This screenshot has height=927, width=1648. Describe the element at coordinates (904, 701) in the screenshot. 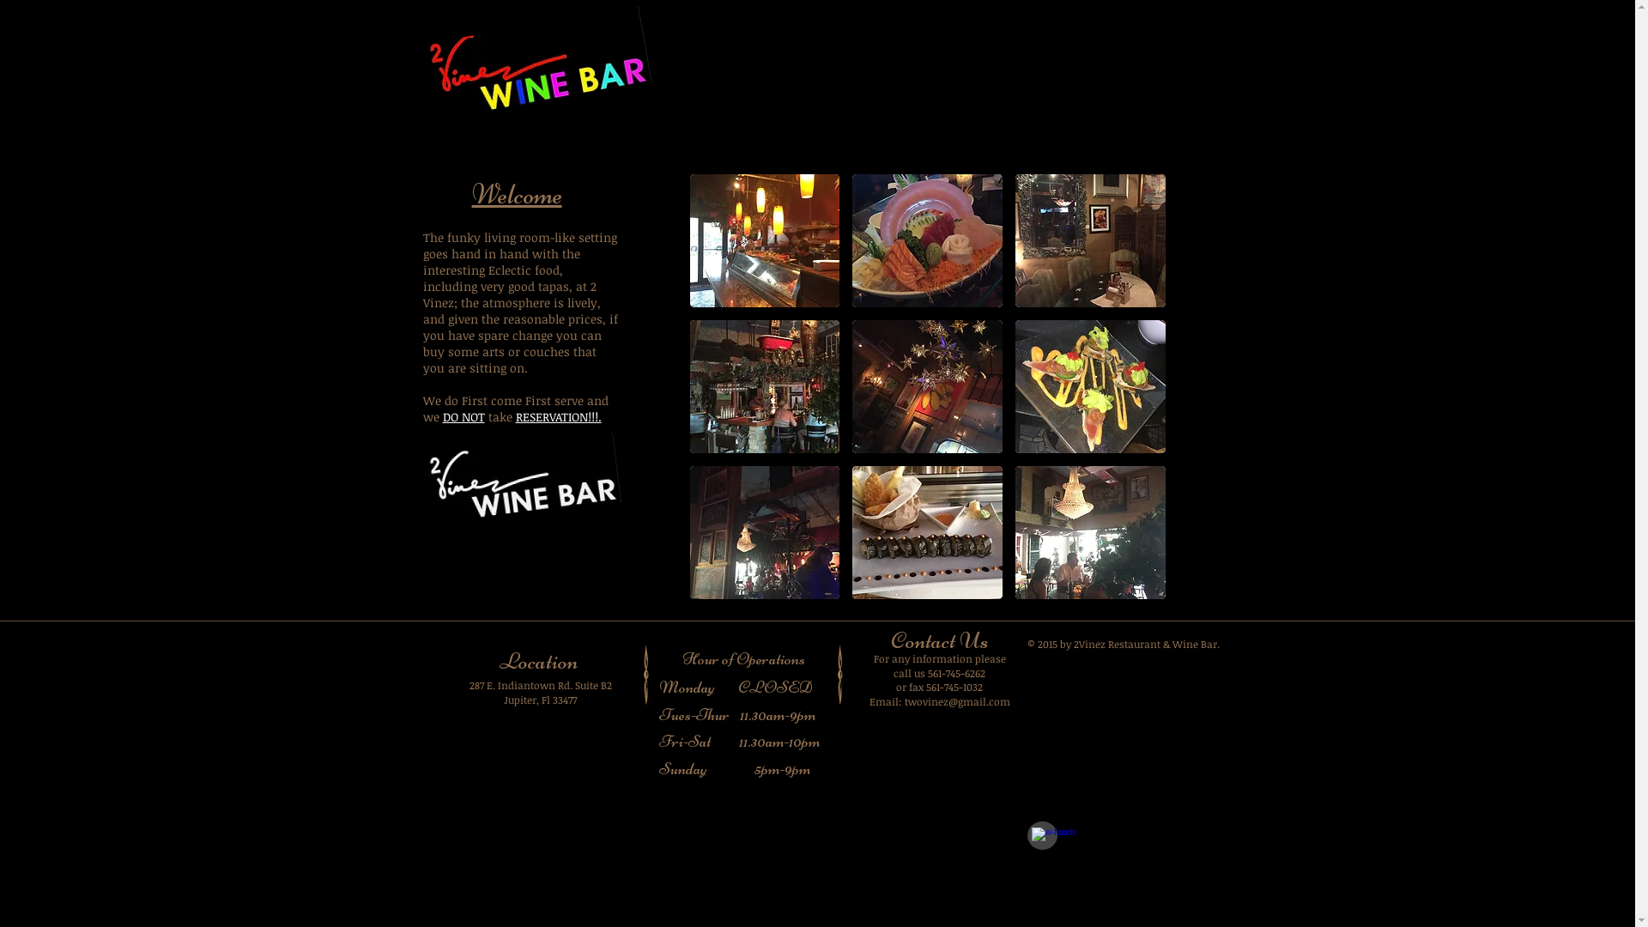

I see `'twovinez@gmail.com'` at that location.